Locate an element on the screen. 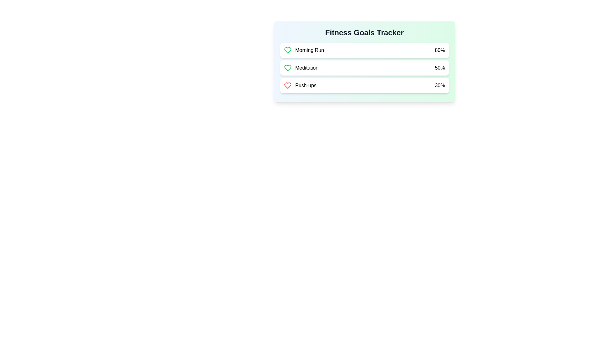  the text label in the first row of the fitness goal tracker is located at coordinates (310, 50).